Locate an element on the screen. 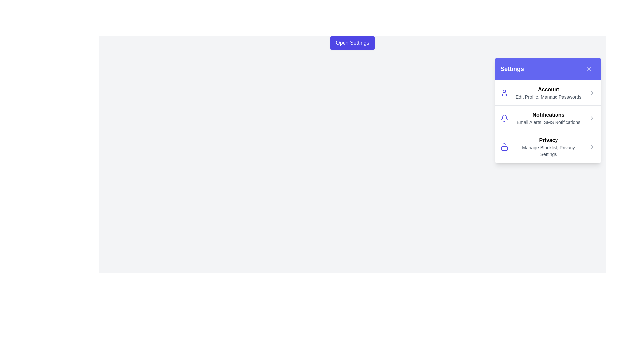 The height and width of the screenshot is (357, 636). the purple outlined lock icon located to the left of the 'Privacy: Manage Blocklist, Privacy Settings' text in the third row of options in the 'Settings' panel is located at coordinates (504, 146).